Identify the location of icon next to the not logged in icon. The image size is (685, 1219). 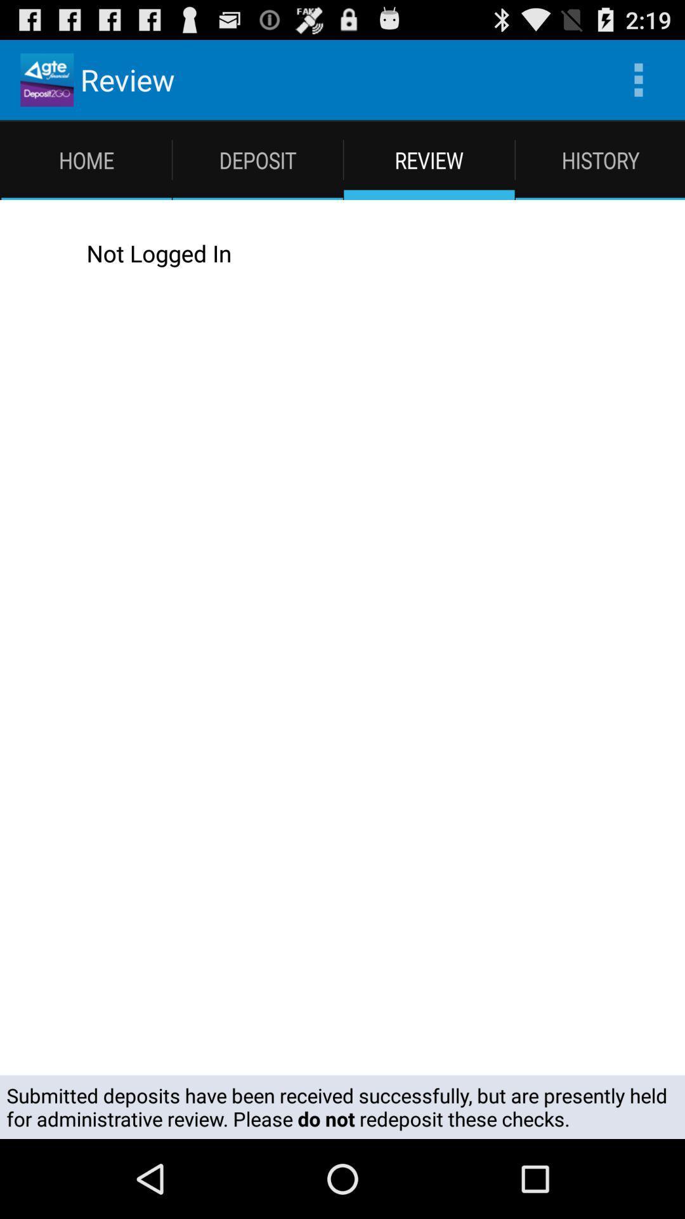
(34, 253).